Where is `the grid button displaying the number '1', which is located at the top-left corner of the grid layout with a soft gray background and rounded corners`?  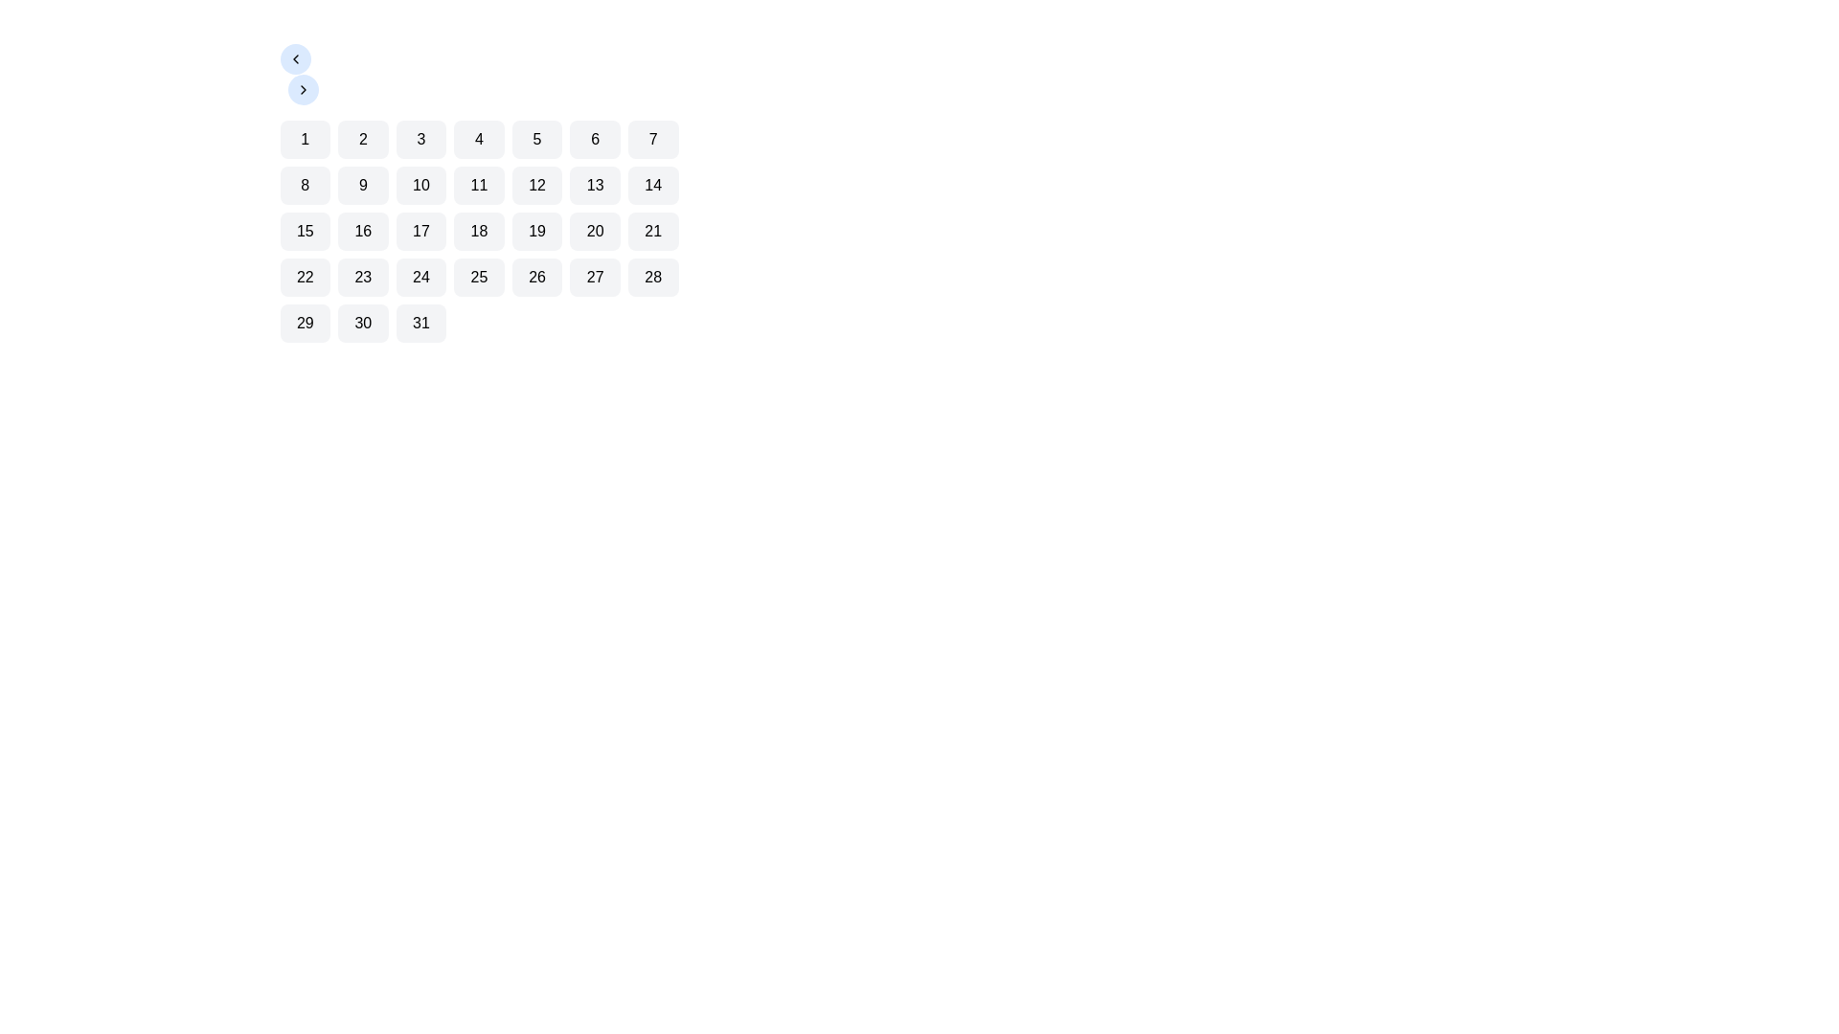
the grid button displaying the number '1', which is located at the top-left corner of the grid layout with a soft gray background and rounded corners is located at coordinates (304, 139).